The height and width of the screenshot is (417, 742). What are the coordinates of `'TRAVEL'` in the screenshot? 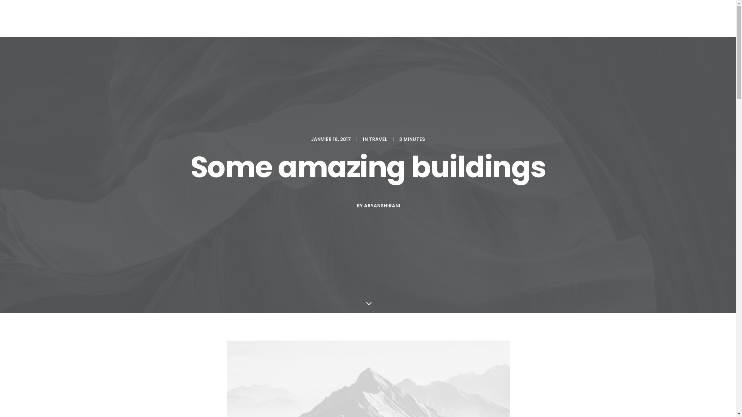 It's located at (369, 139).